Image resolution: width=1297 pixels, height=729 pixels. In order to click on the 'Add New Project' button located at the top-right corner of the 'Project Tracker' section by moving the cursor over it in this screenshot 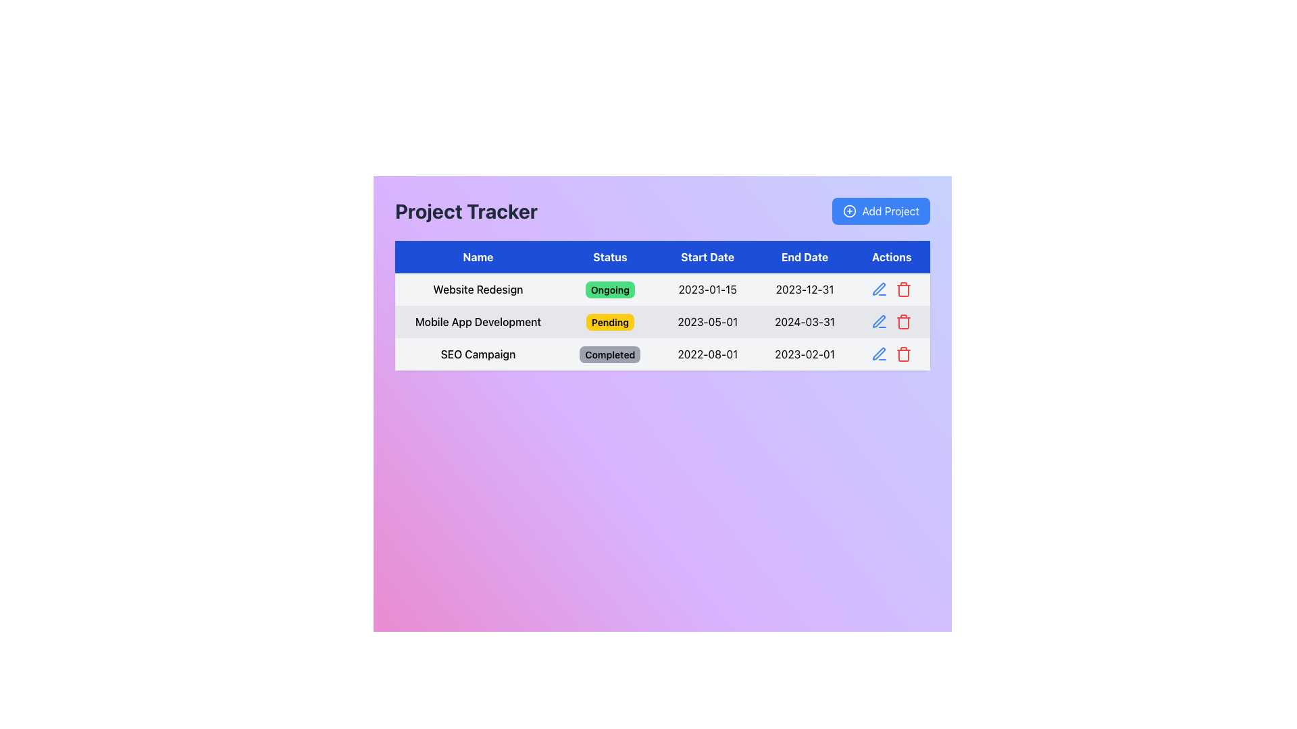, I will do `click(881, 211)`.